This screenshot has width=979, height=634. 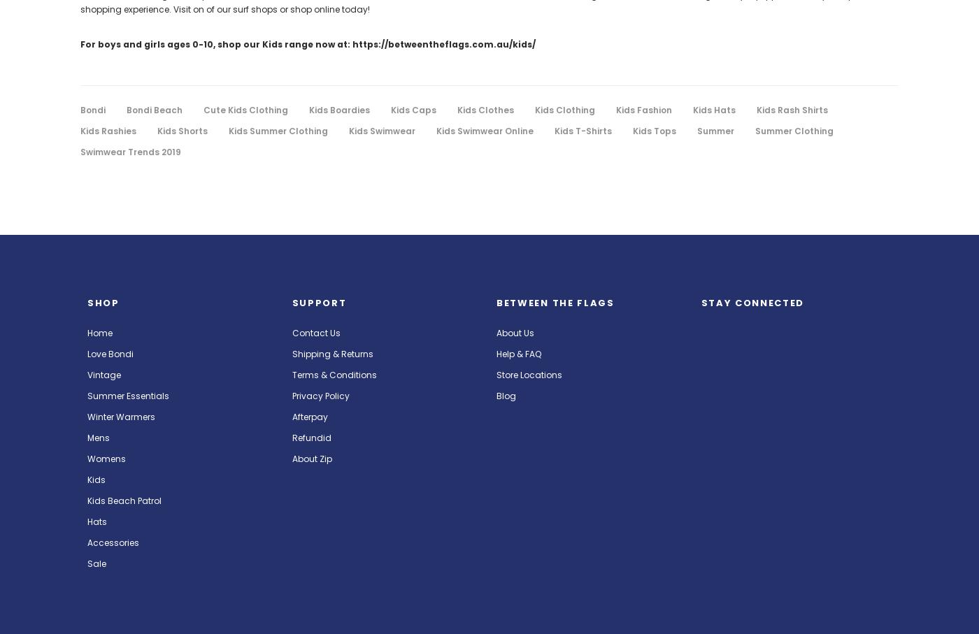 What do you see at coordinates (714, 110) in the screenshot?
I see `'Kids Hats'` at bounding box center [714, 110].